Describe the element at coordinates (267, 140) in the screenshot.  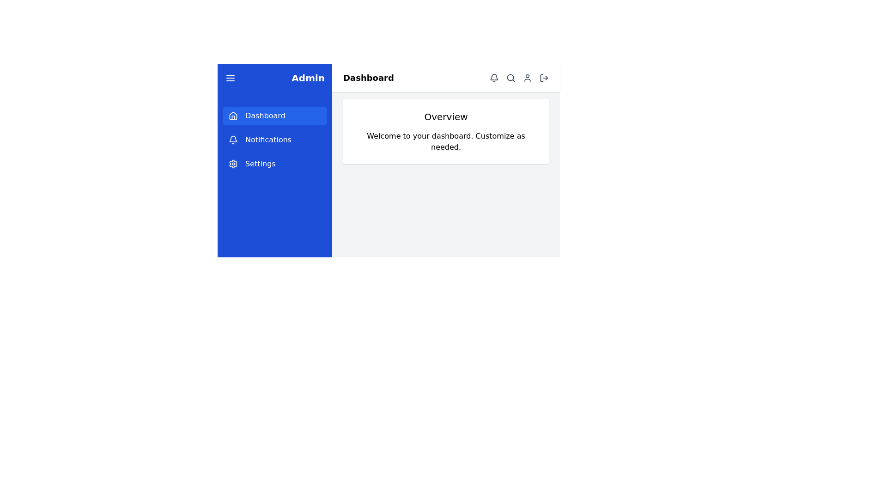
I see `the 'Notifications' text label in the vertical navigation bar` at that location.